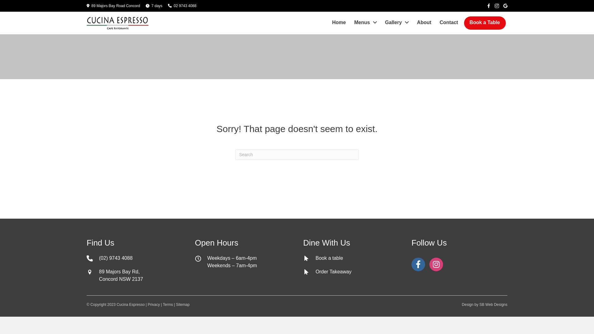 This screenshot has height=334, width=594. I want to click on 'Terms', so click(168, 304).